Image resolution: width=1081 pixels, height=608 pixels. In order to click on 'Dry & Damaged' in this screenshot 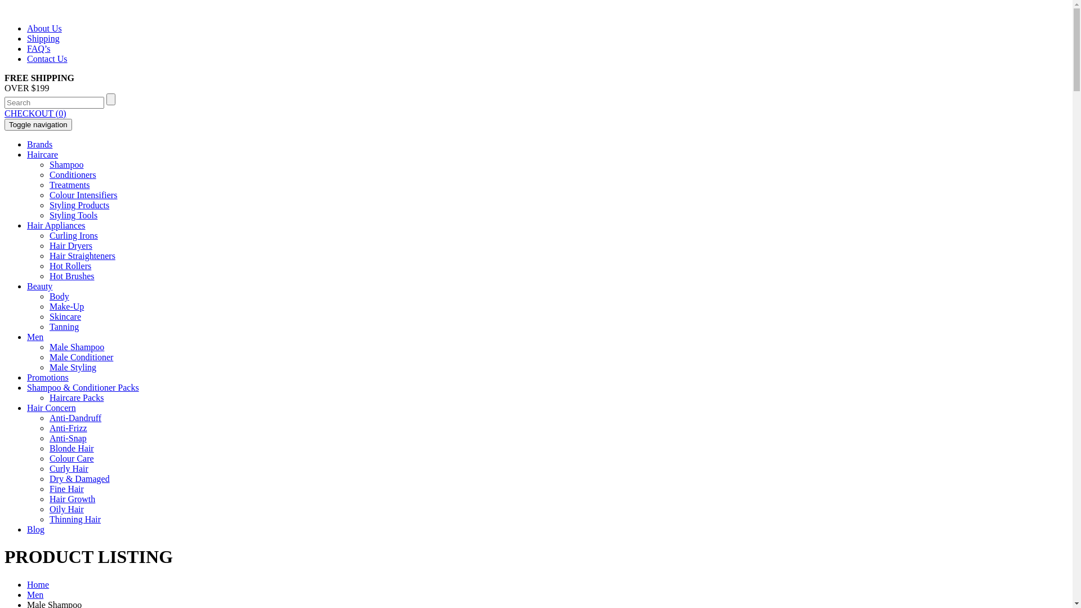, I will do `click(48, 479)`.